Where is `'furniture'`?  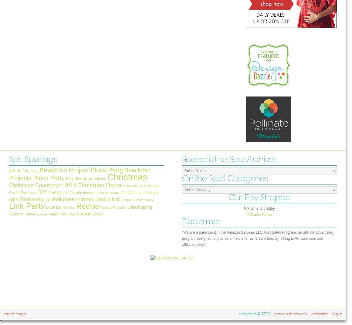 'furniture' is located at coordinates (112, 192).